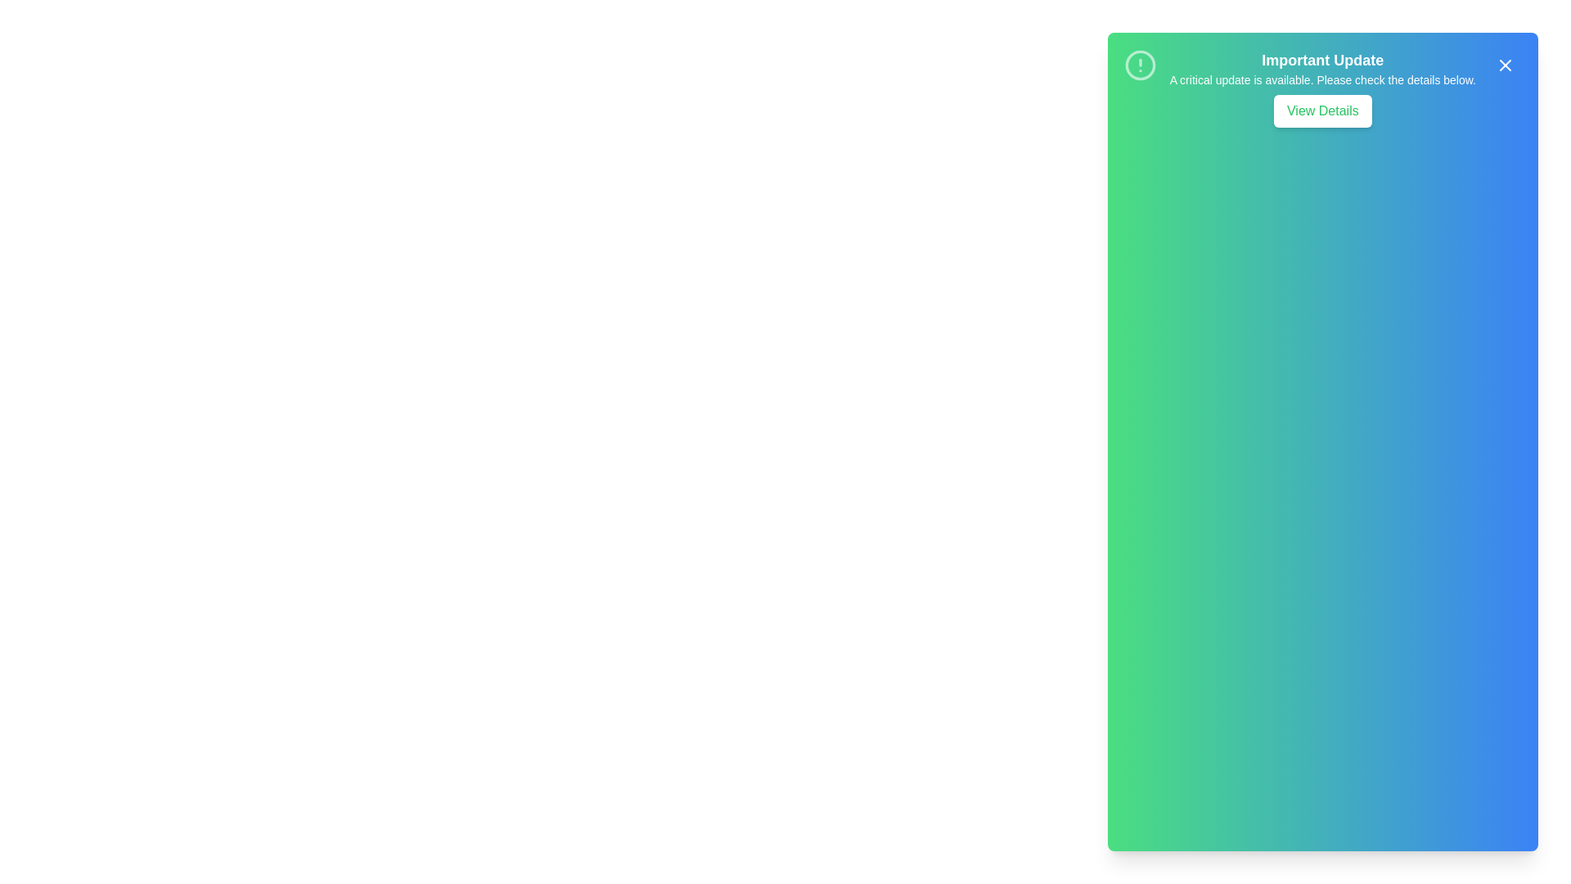  I want to click on the alert icon to inspect its details, so click(1139, 65).